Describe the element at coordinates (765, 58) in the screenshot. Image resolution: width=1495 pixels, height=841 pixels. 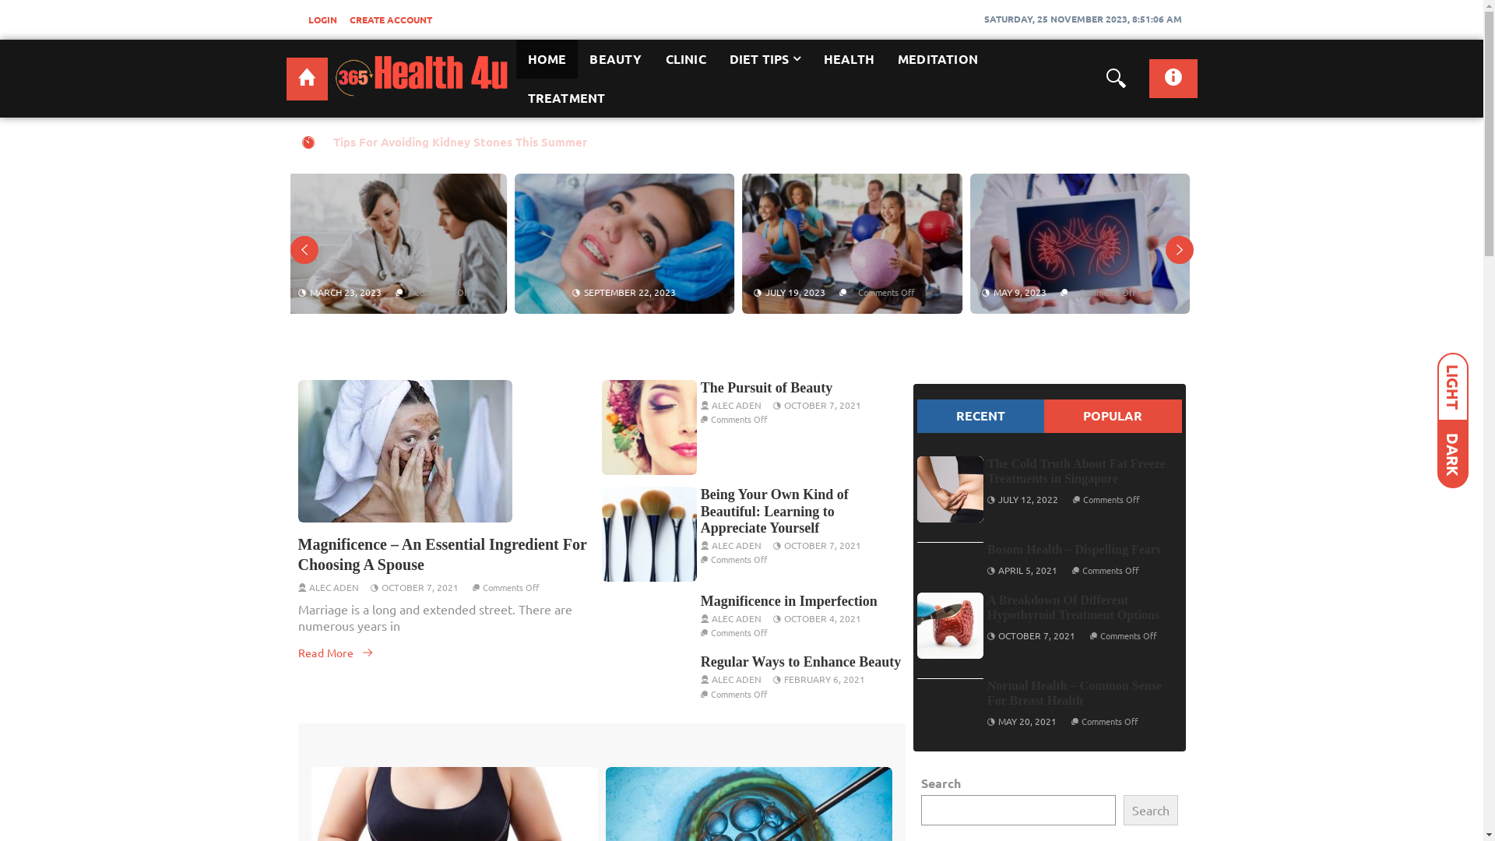
I see `'DIET TIPS'` at that location.